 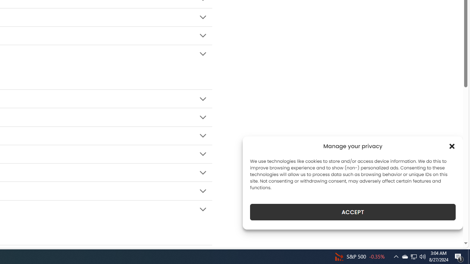 What do you see at coordinates (353, 212) in the screenshot?
I see `'ACCEPT'` at bounding box center [353, 212].